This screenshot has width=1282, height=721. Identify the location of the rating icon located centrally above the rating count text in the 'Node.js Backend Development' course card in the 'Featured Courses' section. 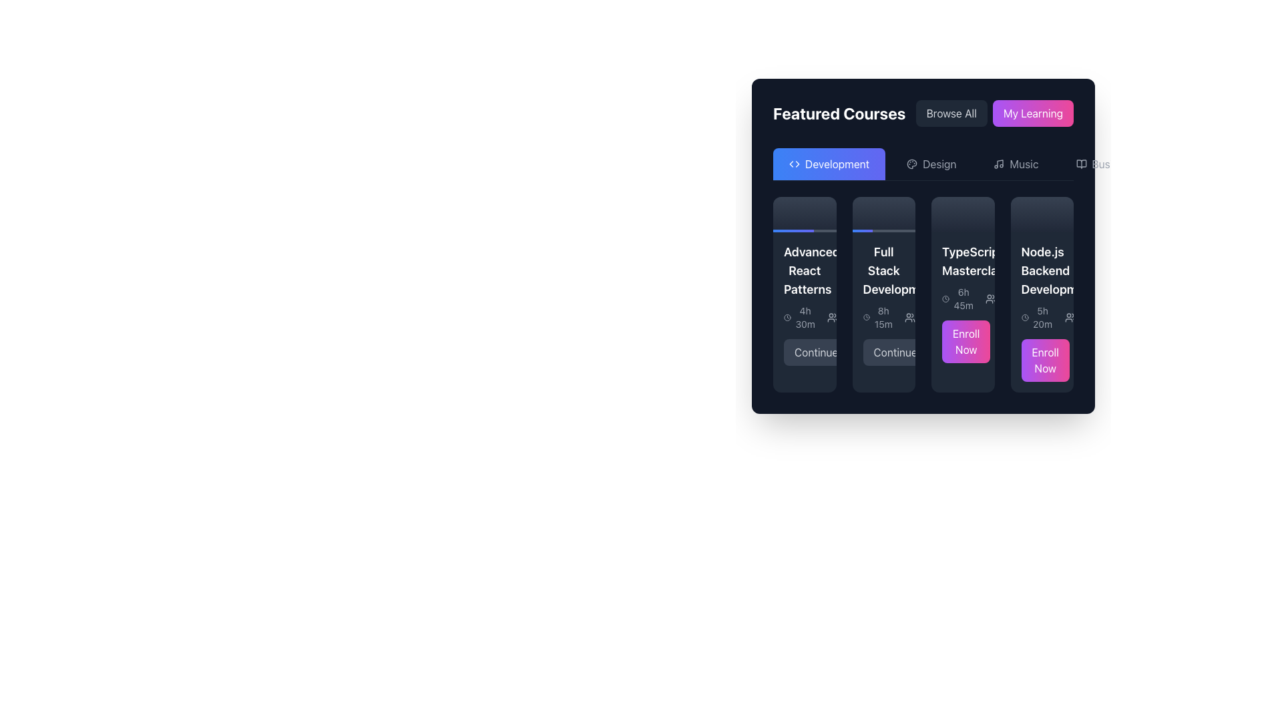
(1038, 298).